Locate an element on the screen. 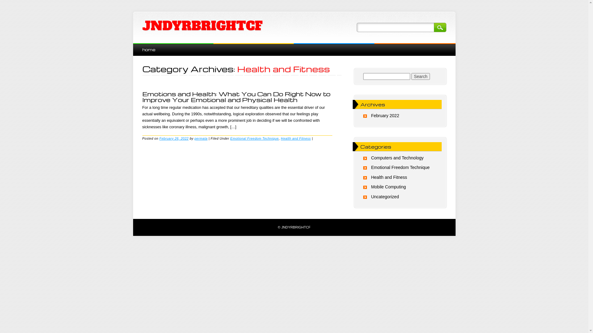 The width and height of the screenshot is (593, 333). 'Mobile Computing' is located at coordinates (371, 186).